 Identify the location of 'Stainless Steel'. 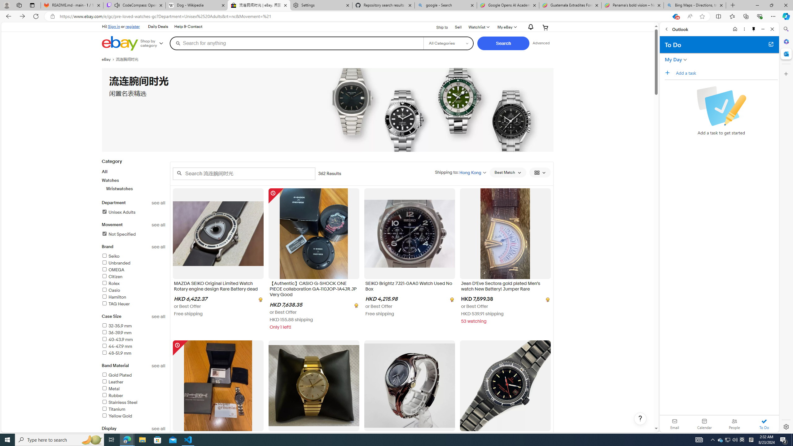
(119, 402).